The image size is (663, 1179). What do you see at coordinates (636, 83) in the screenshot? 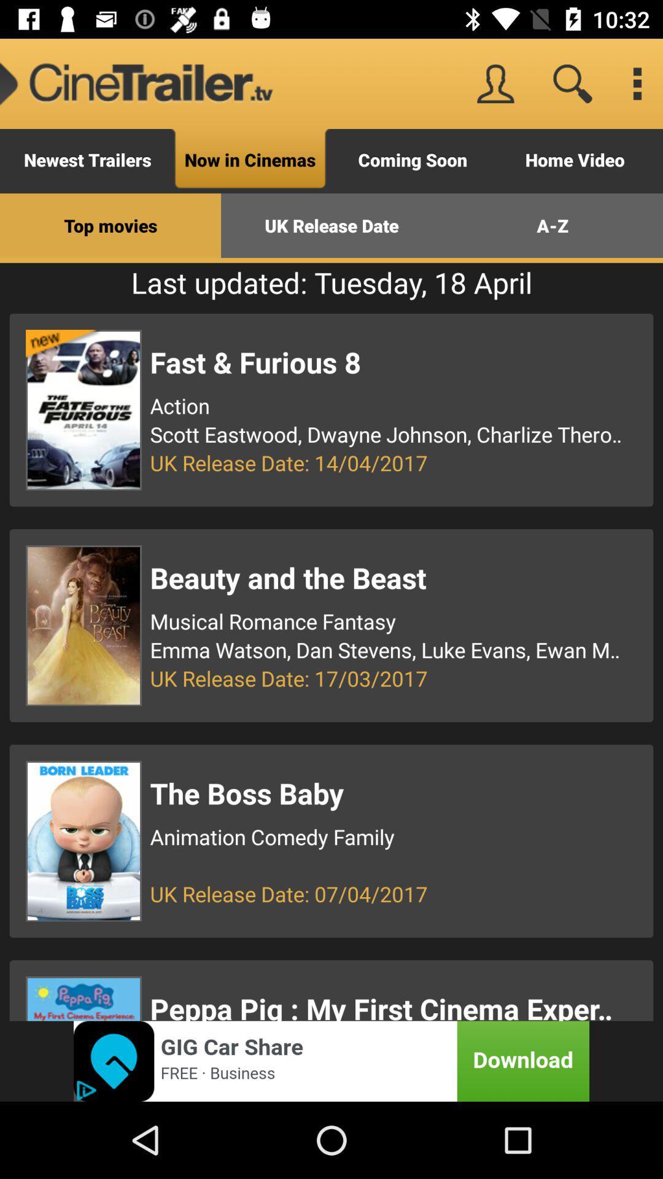
I see `settings` at bounding box center [636, 83].